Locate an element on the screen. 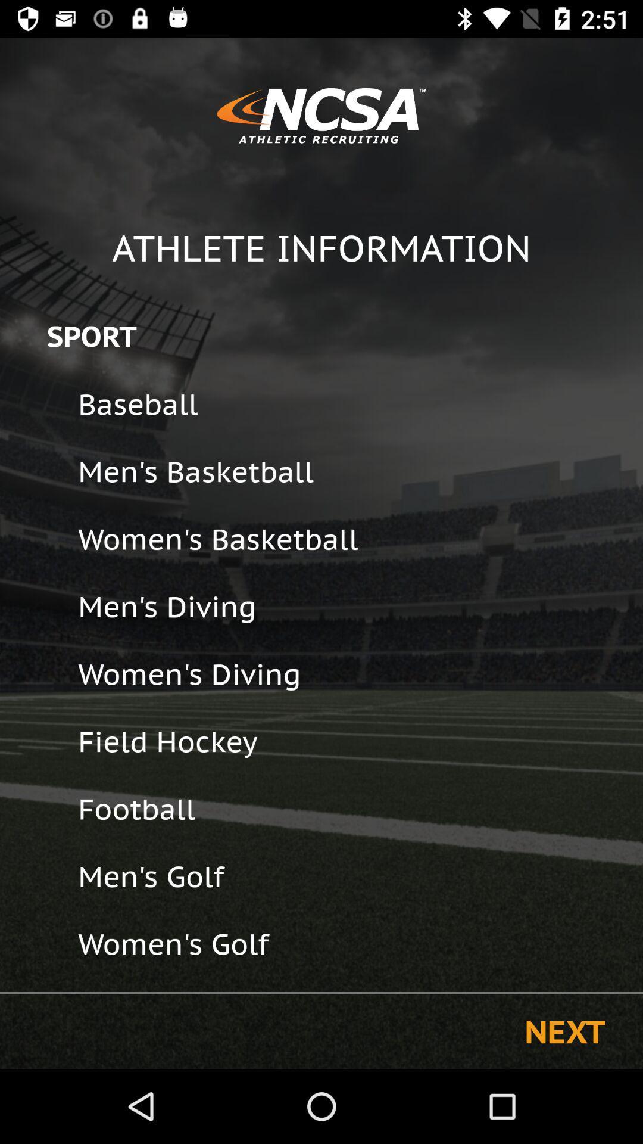 The image size is (643, 1144). baseball item is located at coordinates (352, 404).